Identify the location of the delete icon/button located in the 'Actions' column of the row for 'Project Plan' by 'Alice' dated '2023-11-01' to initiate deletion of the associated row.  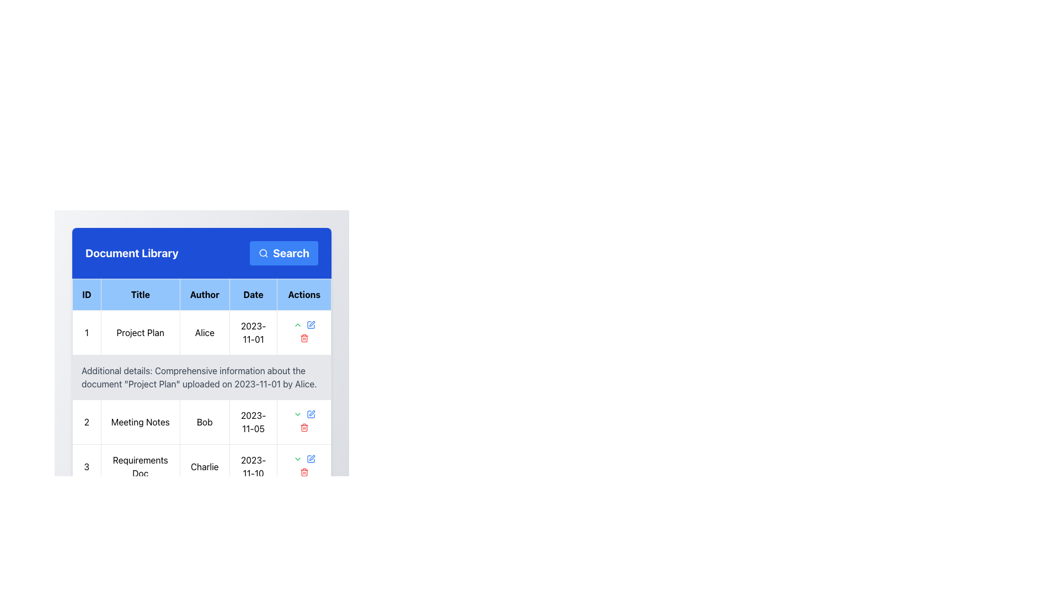
(304, 332).